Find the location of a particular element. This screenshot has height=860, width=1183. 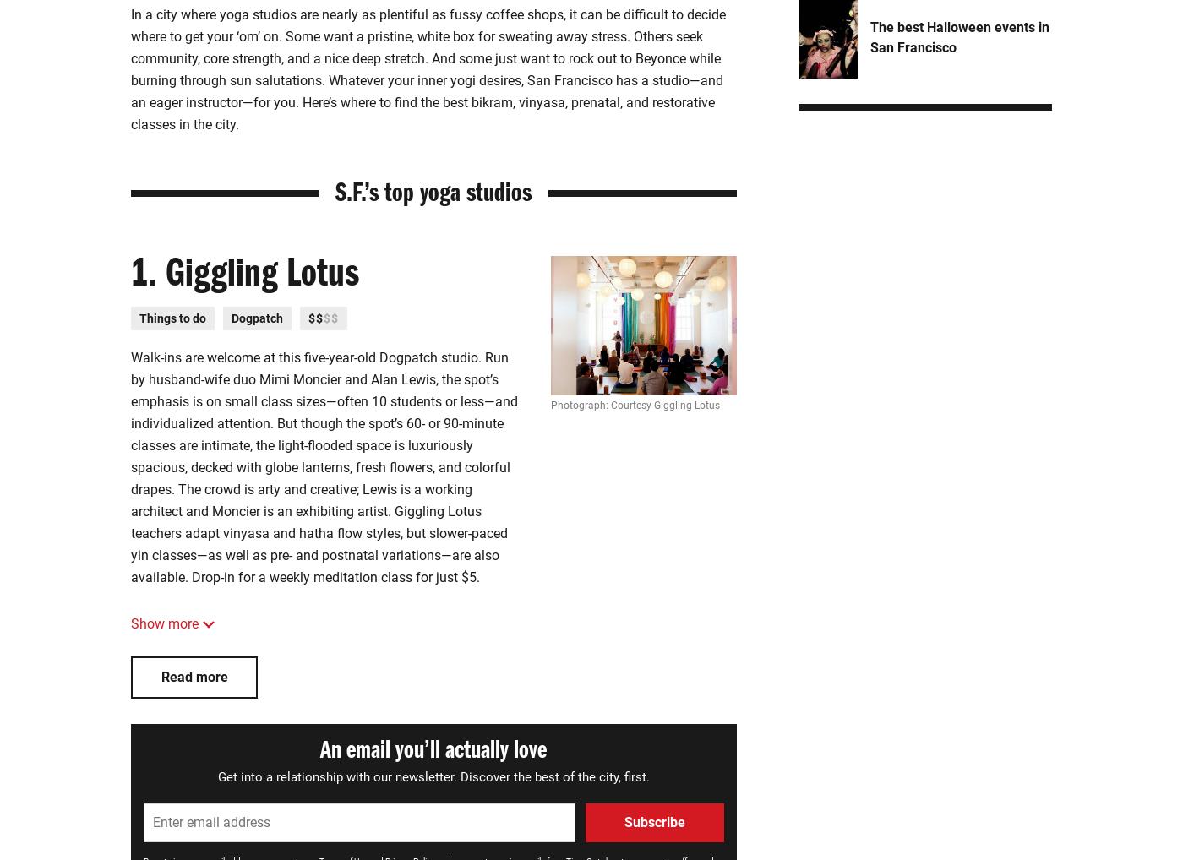

'Things to do' is located at coordinates (172, 318).